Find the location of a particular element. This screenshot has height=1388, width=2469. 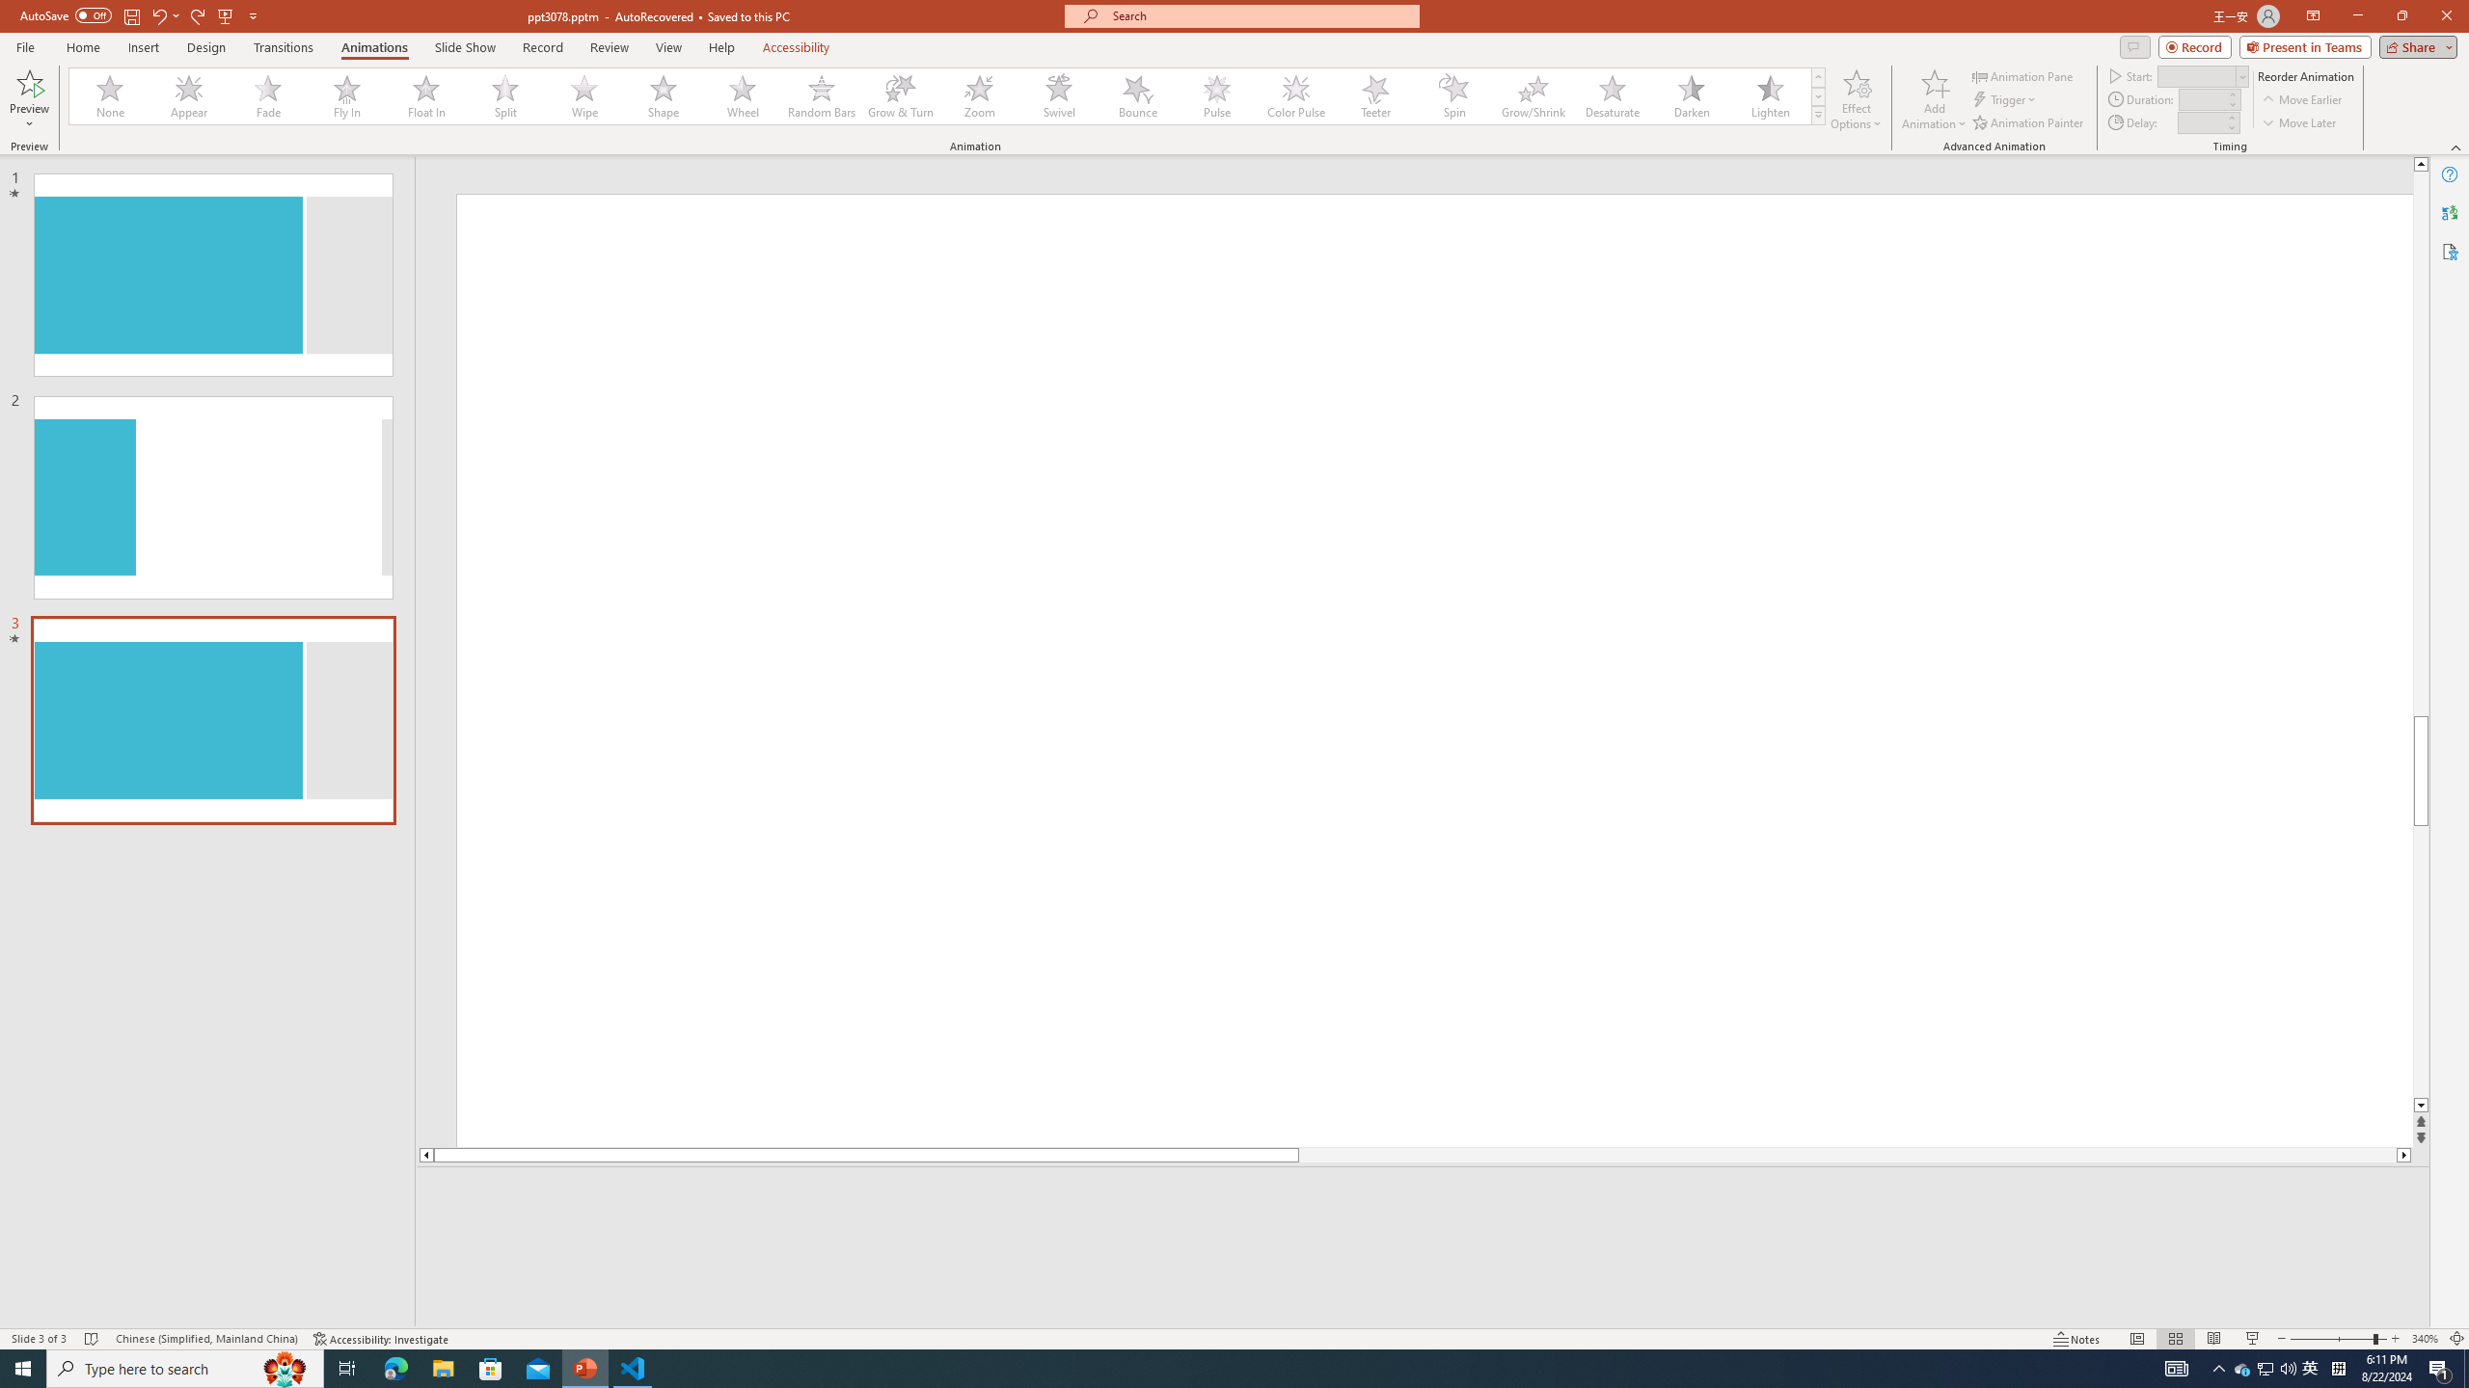

'Pulse' is located at coordinates (1216, 95).